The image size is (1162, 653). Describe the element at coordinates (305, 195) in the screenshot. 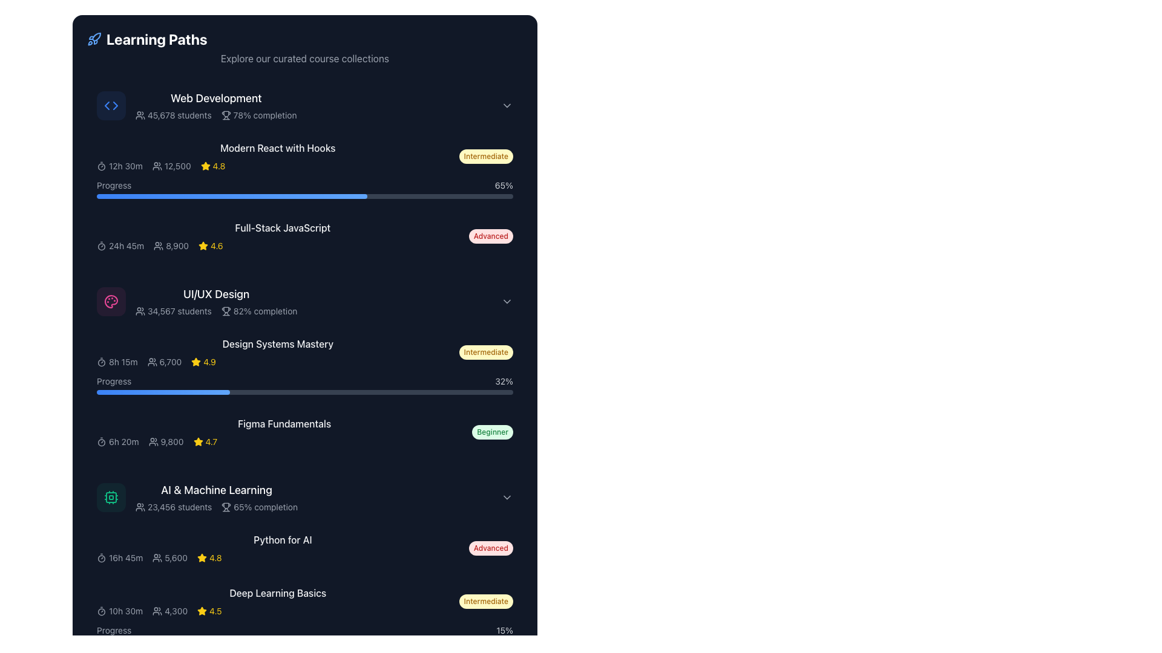

I see `the horizontal progress bar with rounded ends, styled with a gray background and blue gradient fill, which represents 65% completion, located below the 'Progress' label and to the left of the '65%' text in the 'Modern React with Hooks' course description block` at that location.